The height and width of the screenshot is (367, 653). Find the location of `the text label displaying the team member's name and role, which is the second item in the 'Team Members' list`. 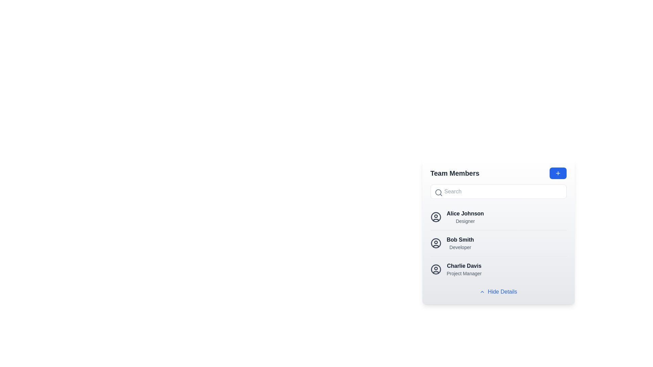

the text label displaying the team member's name and role, which is the second item in the 'Team Members' list is located at coordinates (465, 217).